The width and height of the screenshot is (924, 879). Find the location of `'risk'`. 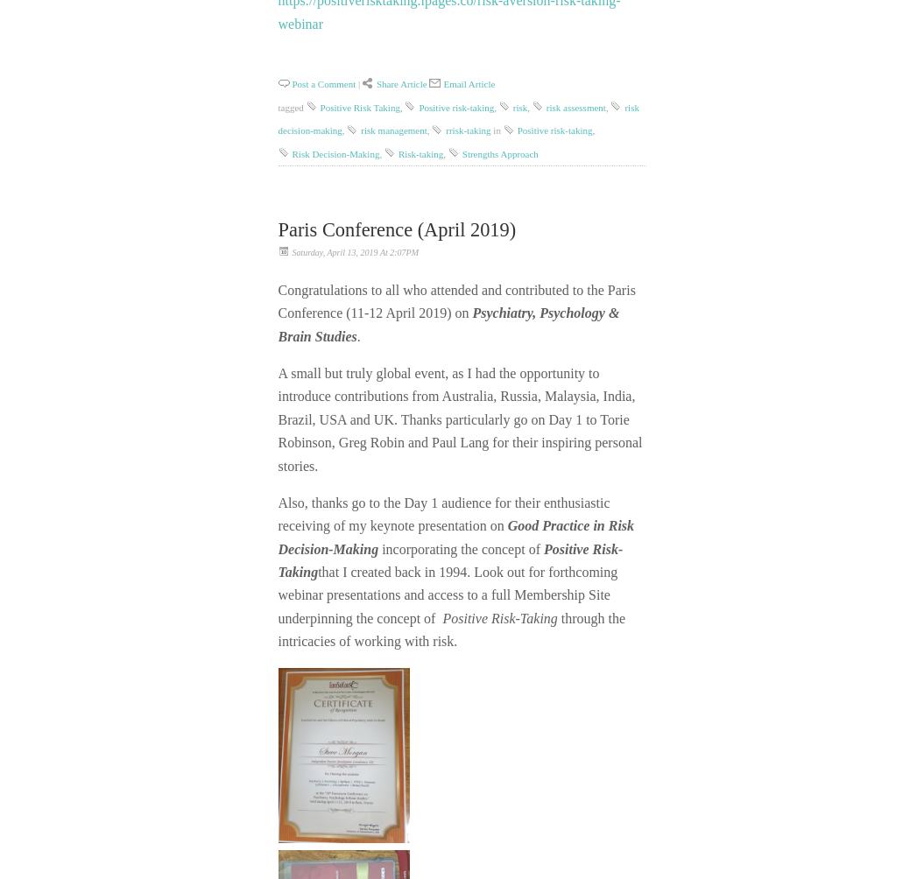

'risk' is located at coordinates (519, 106).